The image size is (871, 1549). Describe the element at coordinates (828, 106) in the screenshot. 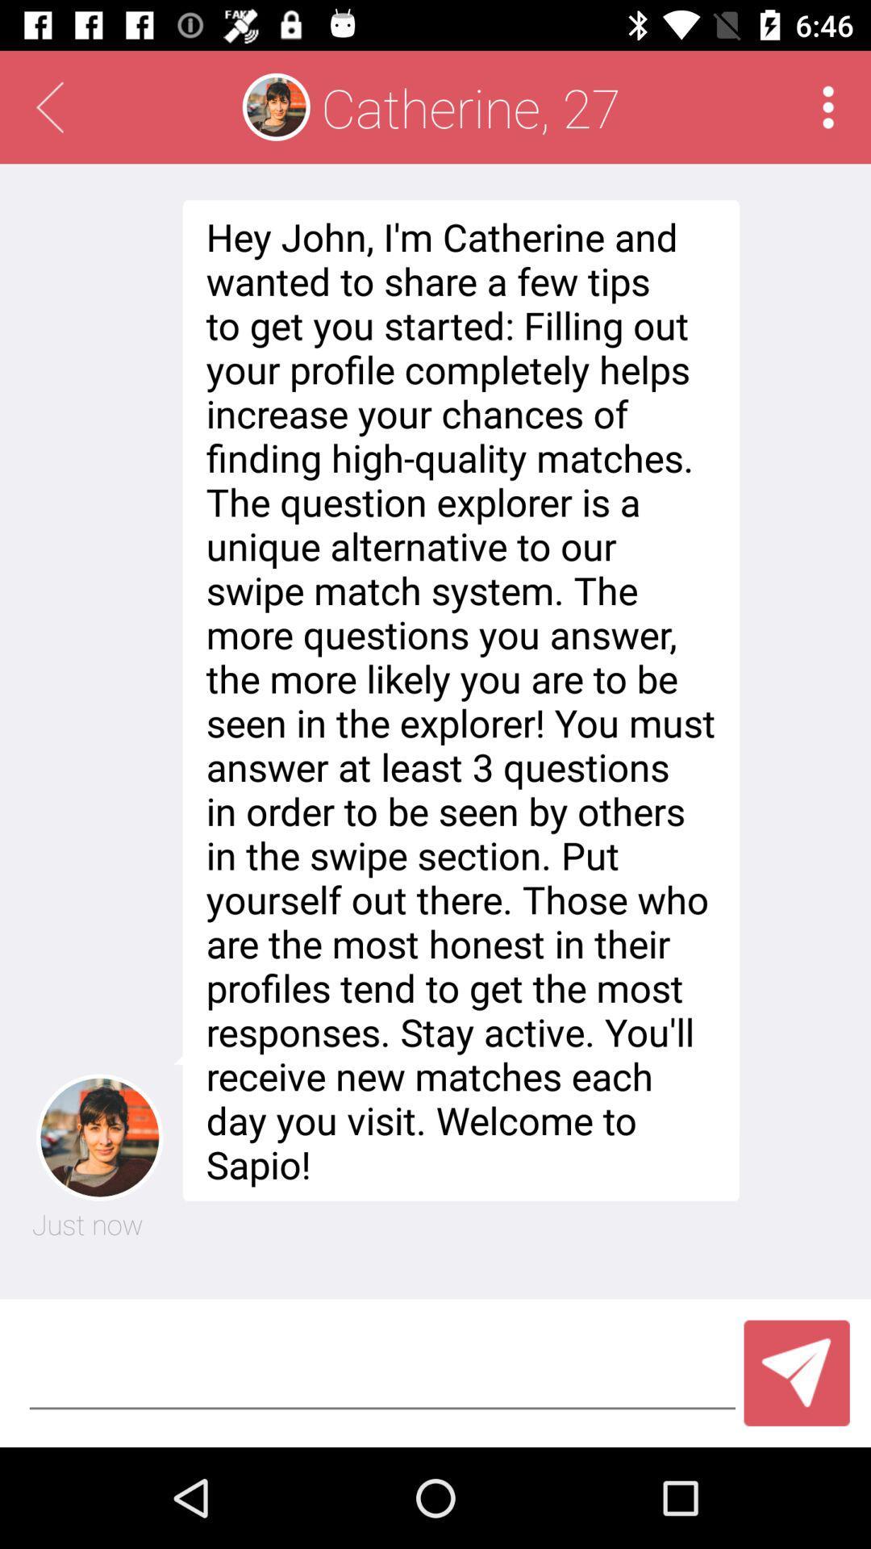

I see `more options` at that location.